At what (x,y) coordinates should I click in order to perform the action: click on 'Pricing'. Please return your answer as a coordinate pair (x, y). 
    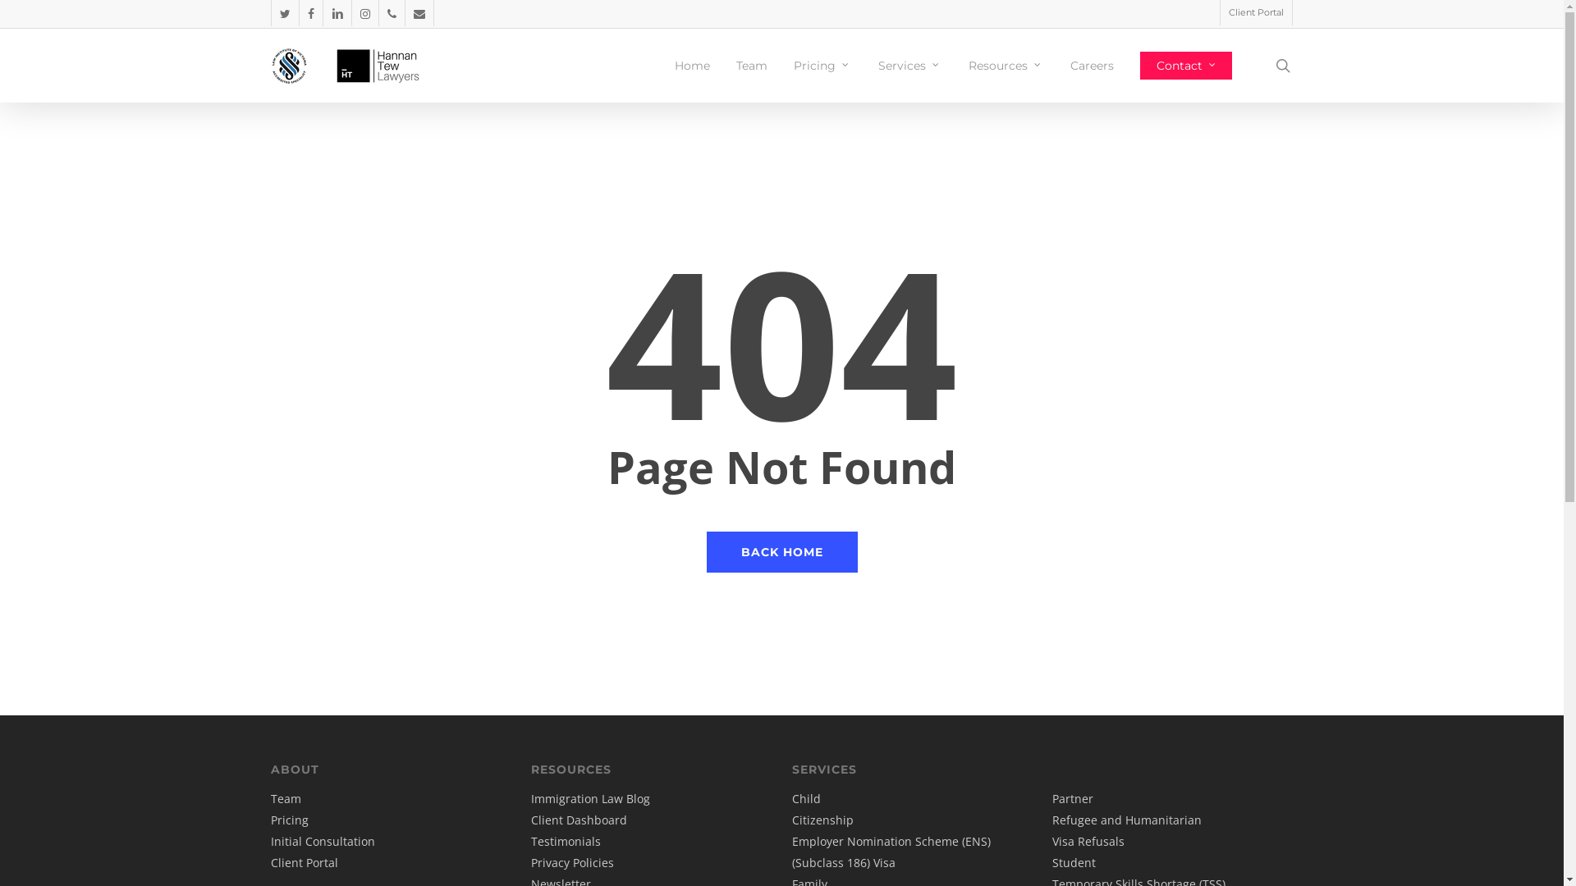
    Looking at the image, I should click on (290, 820).